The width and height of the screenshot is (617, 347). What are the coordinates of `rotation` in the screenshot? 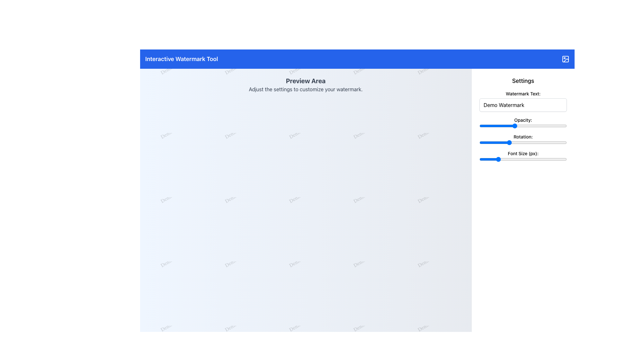 It's located at (500, 142).